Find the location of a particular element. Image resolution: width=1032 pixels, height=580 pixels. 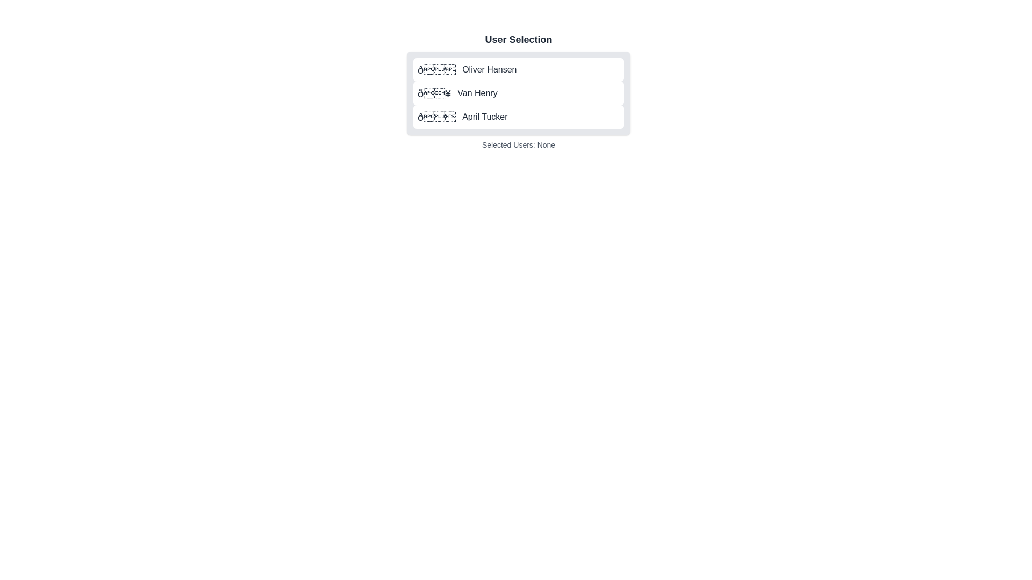

the flame emoji styled with 'text-xl' class, which is positioned as a prefix to the name 'Van Henry' in the interface is located at coordinates (434, 92).